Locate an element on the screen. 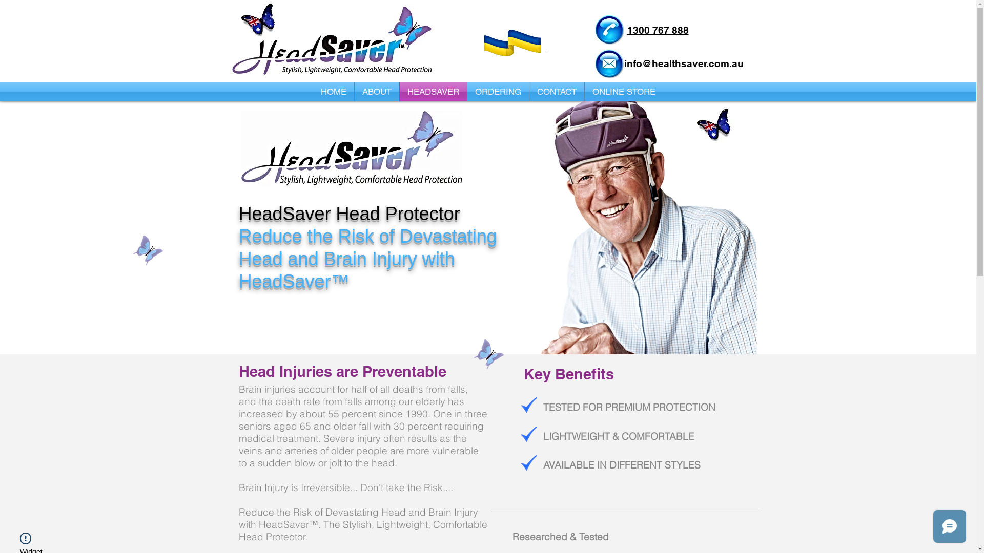 This screenshot has width=984, height=553. 'ONLINE STORE' is located at coordinates (623, 91).